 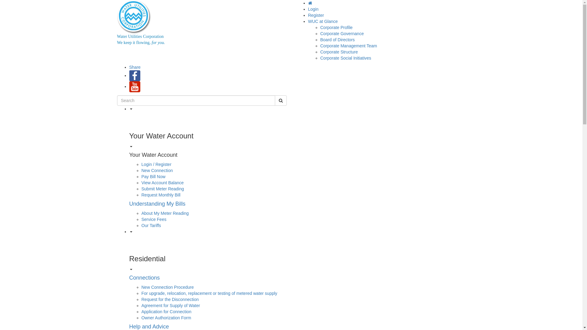 What do you see at coordinates (141, 299) in the screenshot?
I see `'Request for the Disconnection'` at bounding box center [141, 299].